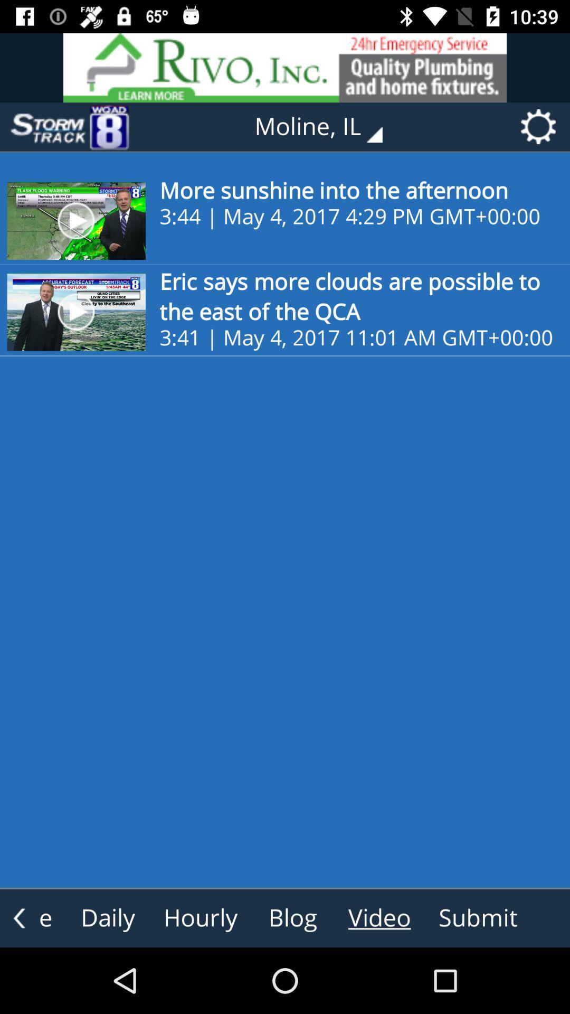 This screenshot has height=1014, width=570. Describe the element at coordinates (69, 127) in the screenshot. I see `item next to the moline, il` at that location.